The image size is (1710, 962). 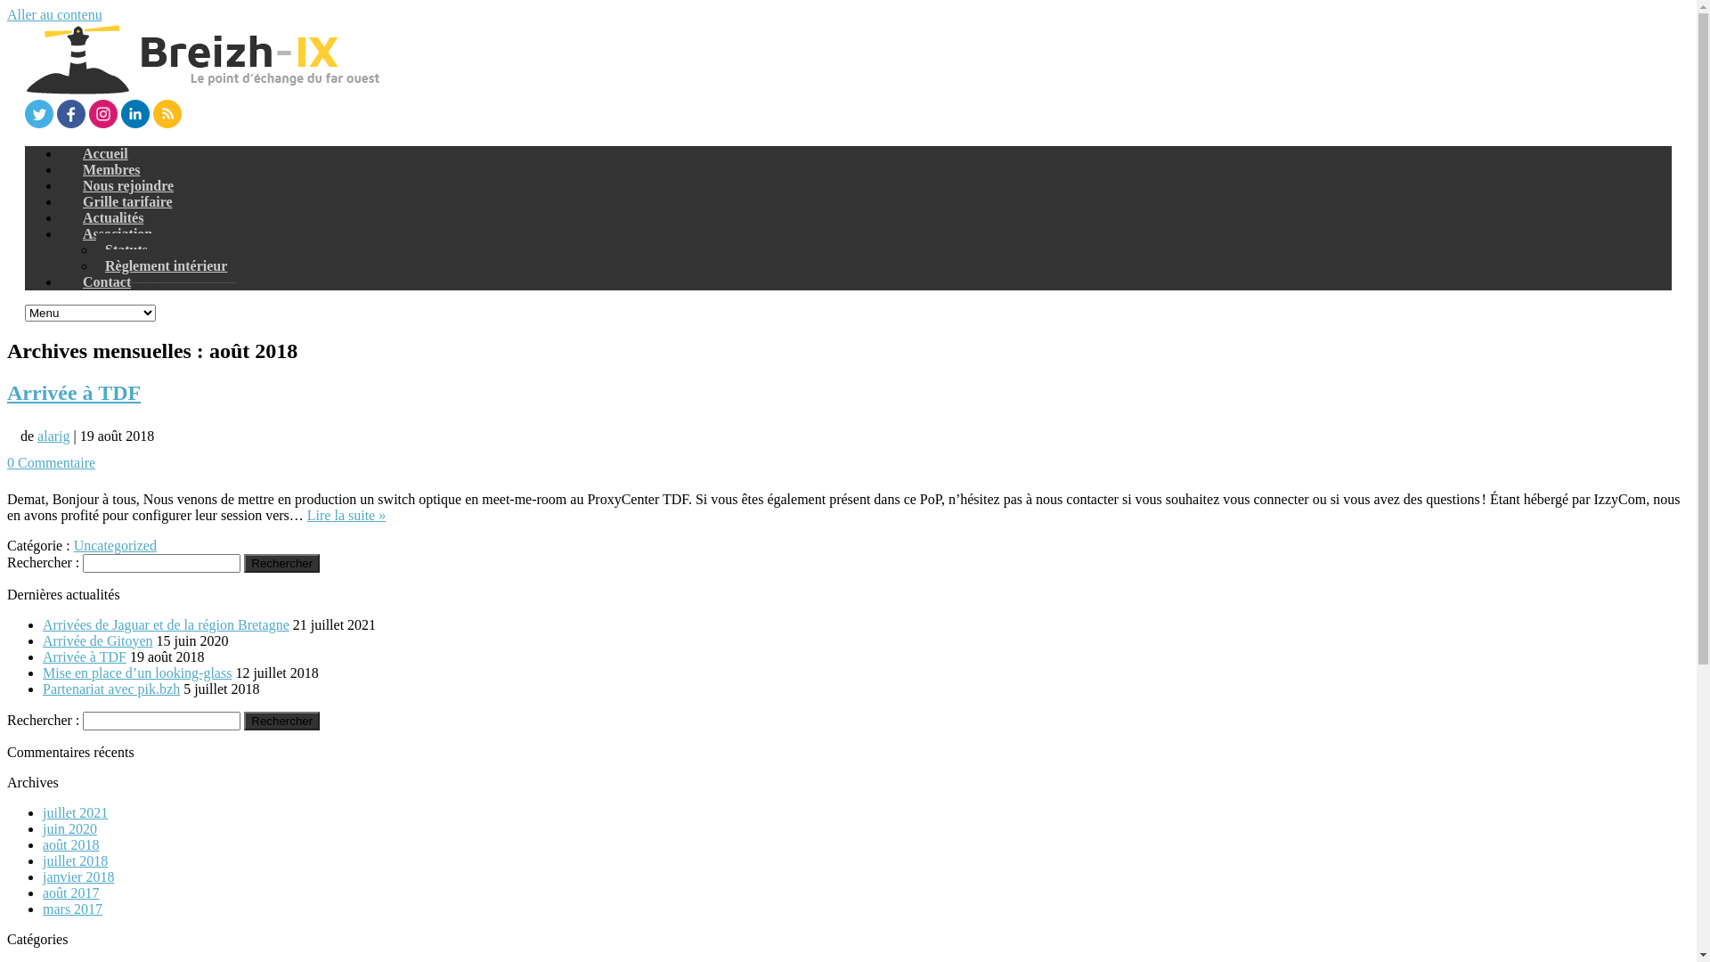 What do you see at coordinates (43, 860) in the screenshot?
I see `'juillet 2018'` at bounding box center [43, 860].